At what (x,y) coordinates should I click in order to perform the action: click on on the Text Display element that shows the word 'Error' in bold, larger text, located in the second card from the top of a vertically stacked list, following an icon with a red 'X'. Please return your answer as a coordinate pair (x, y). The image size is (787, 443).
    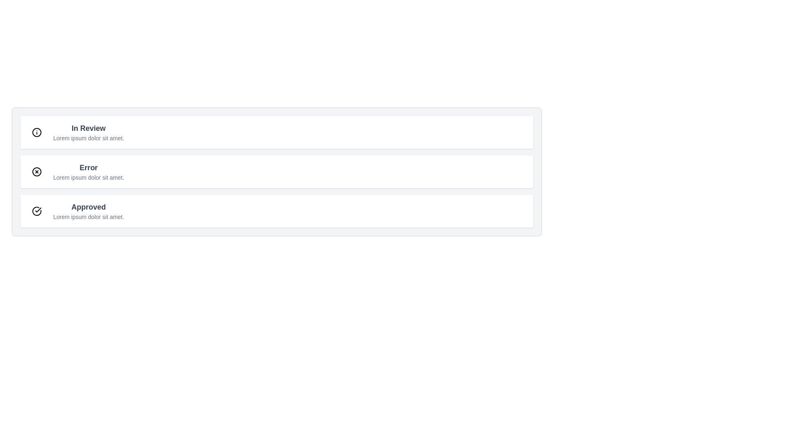
    Looking at the image, I should click on (89, 171).